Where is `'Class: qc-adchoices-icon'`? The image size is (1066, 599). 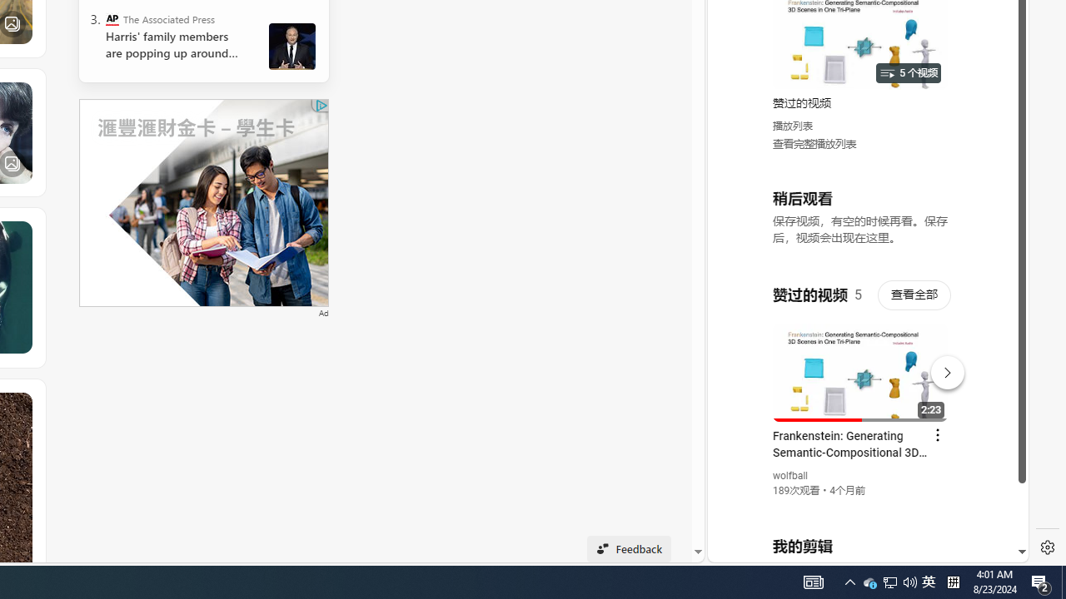
'Class: qc-adchoices-icon' is located at coordinates (321, 106).